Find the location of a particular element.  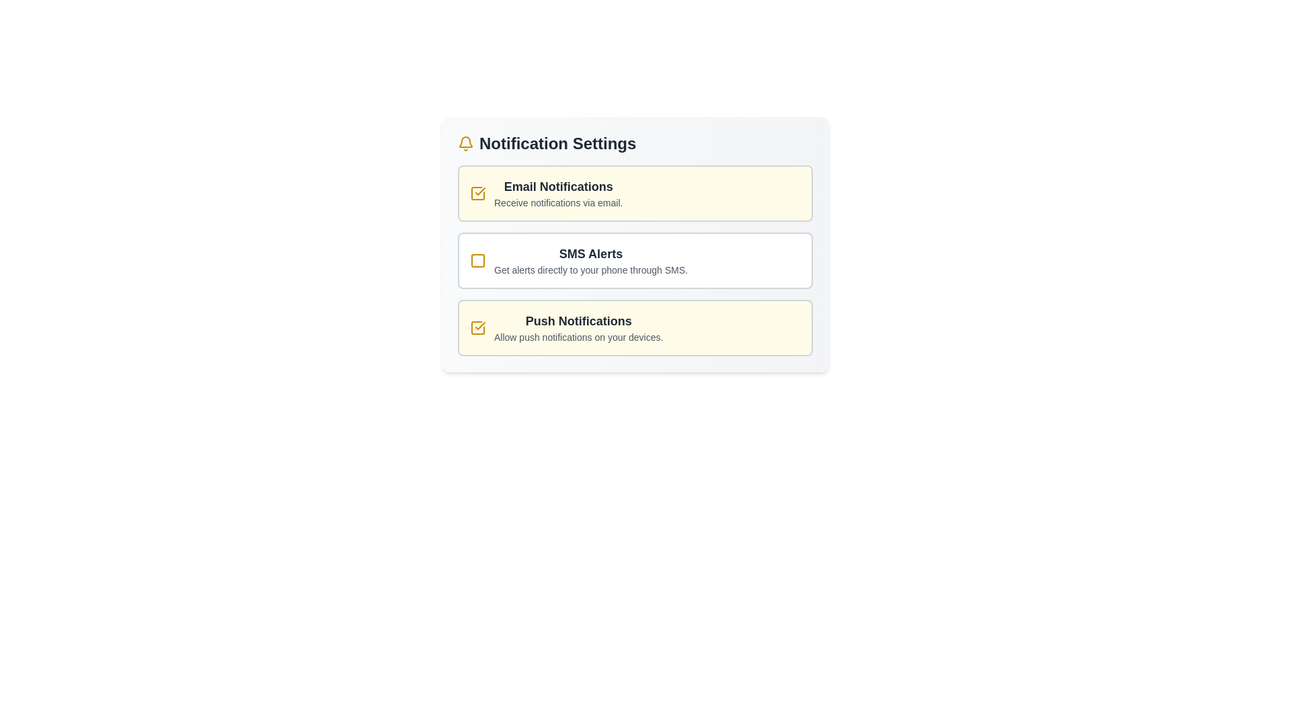

the yellow checkmark icon representing the selected state of the Checkbox located to the left of the 'Push Notifications' text is located at coordinates (477, 328).